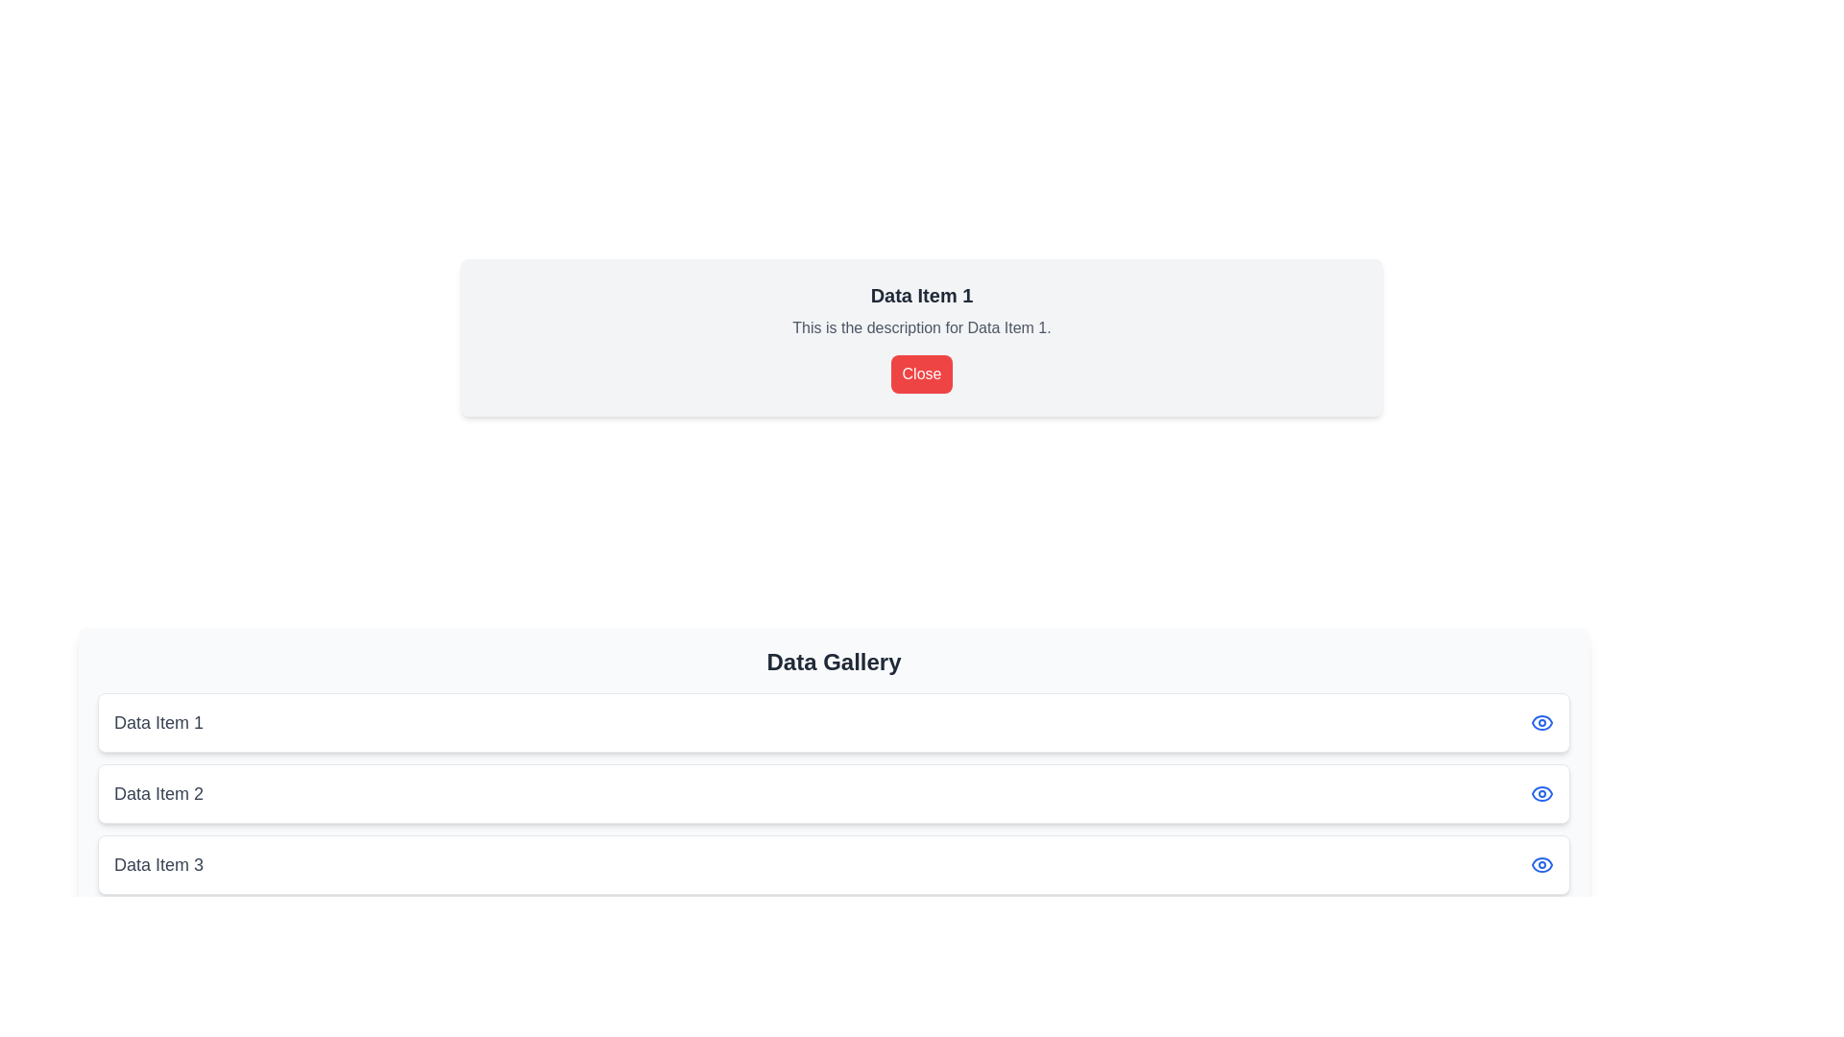 This screenshot has height=1037, width=1844. What do you see at coordinates (922, 336) in the screenshot?
I see `the Overlay modal that provides detailed information about 'Data Item 1', which includes a header, description, and a 'Close' button` at bounding box center [922, 336].